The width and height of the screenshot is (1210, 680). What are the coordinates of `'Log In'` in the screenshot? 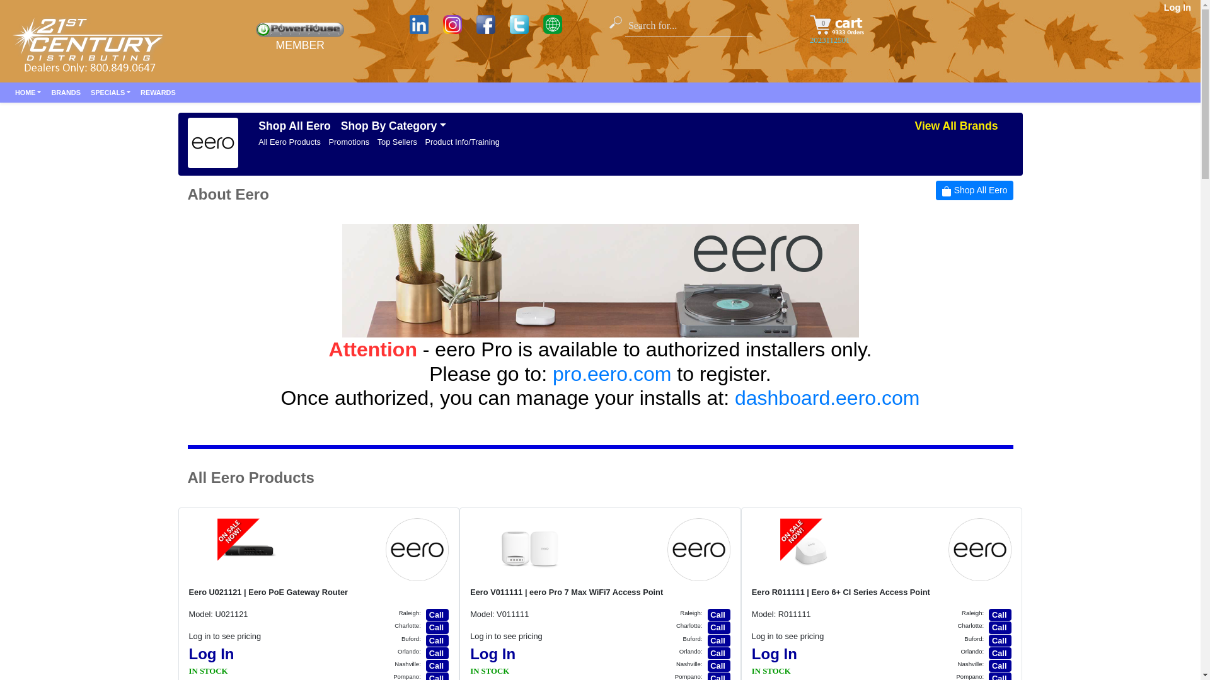 It's located at (773, 653).